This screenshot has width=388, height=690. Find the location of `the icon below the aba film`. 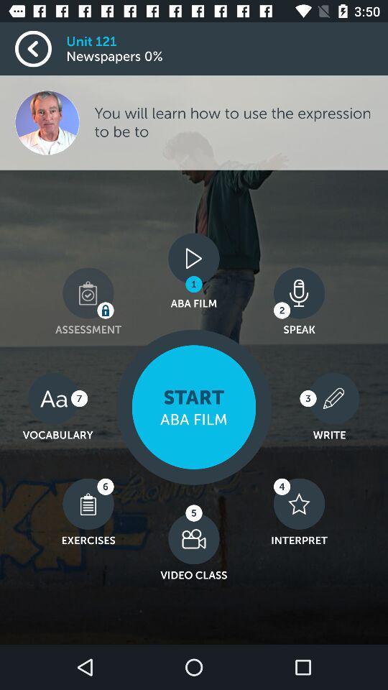

the icon below the aba film is located at coordinates (194, 407).